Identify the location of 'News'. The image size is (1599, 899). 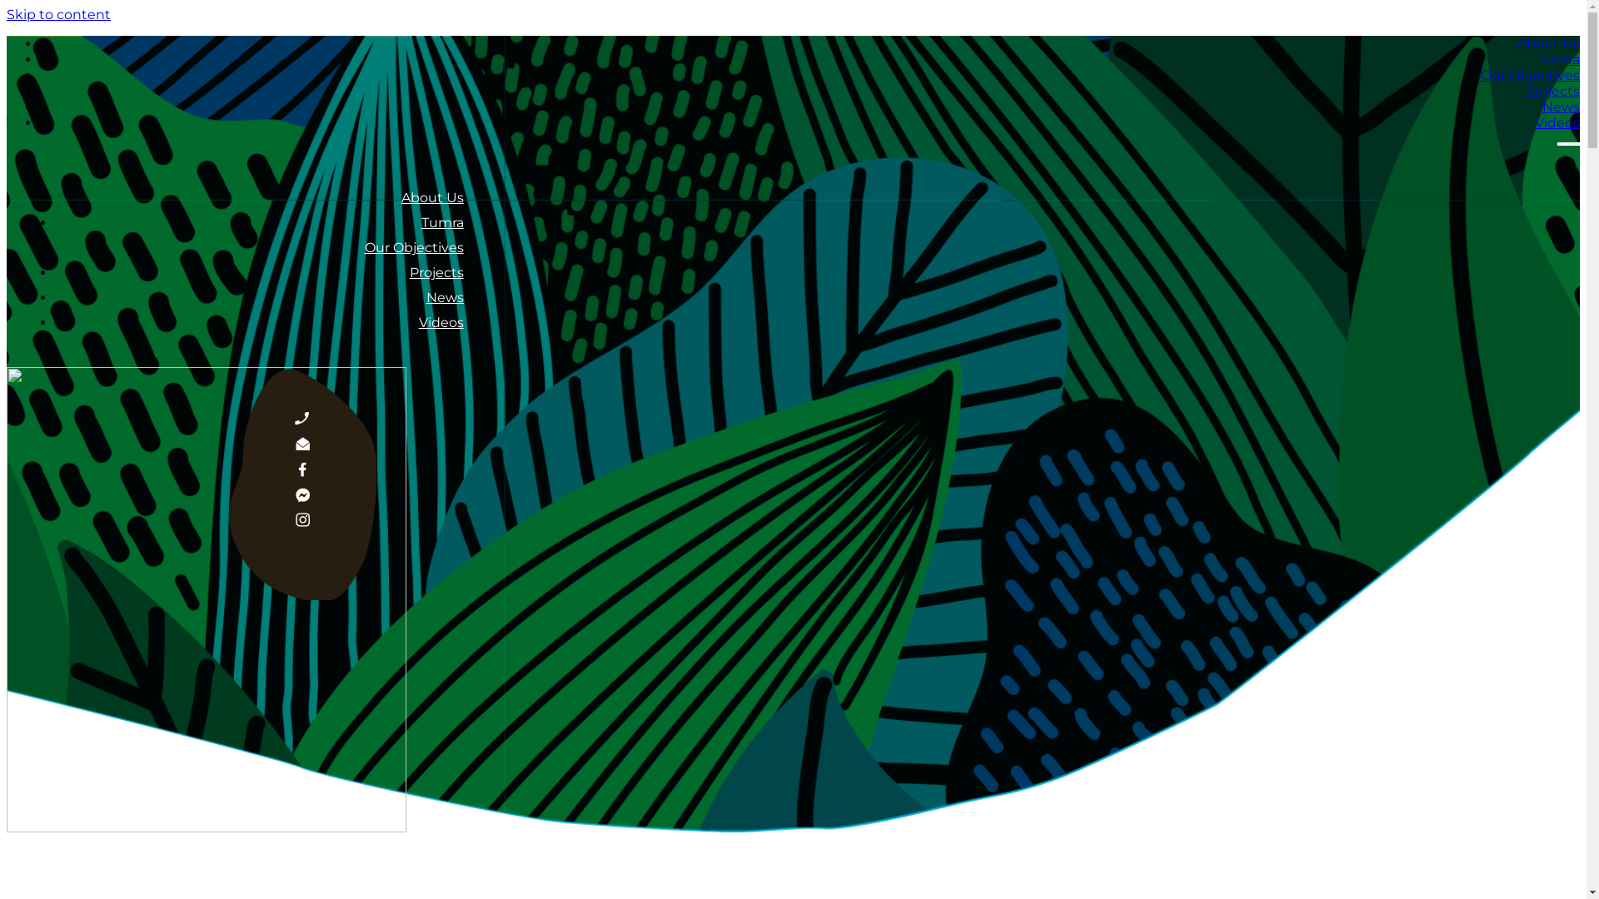
(445, 291).